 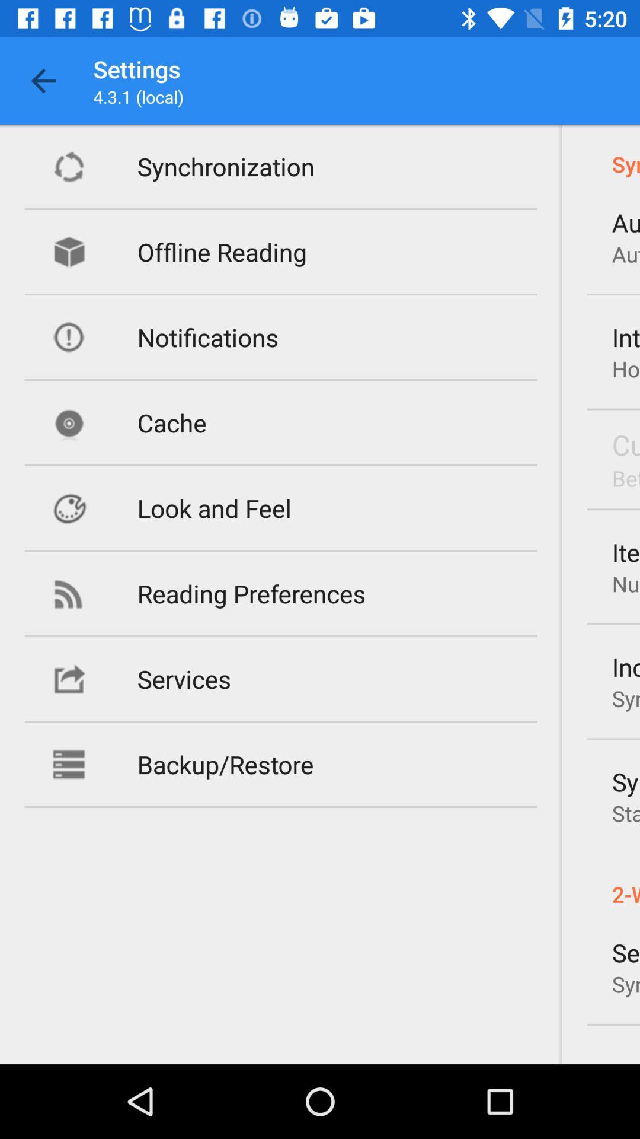 I want to click on auto update item, so click(x=625, y=222).